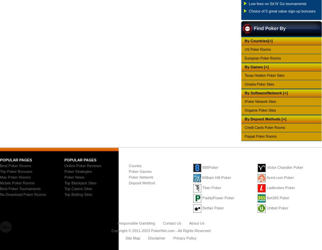  What do you see at coordinates (262, 58) in the screenshot?
I see `'European Poker Rooms'` at bounding box center [262, 58].